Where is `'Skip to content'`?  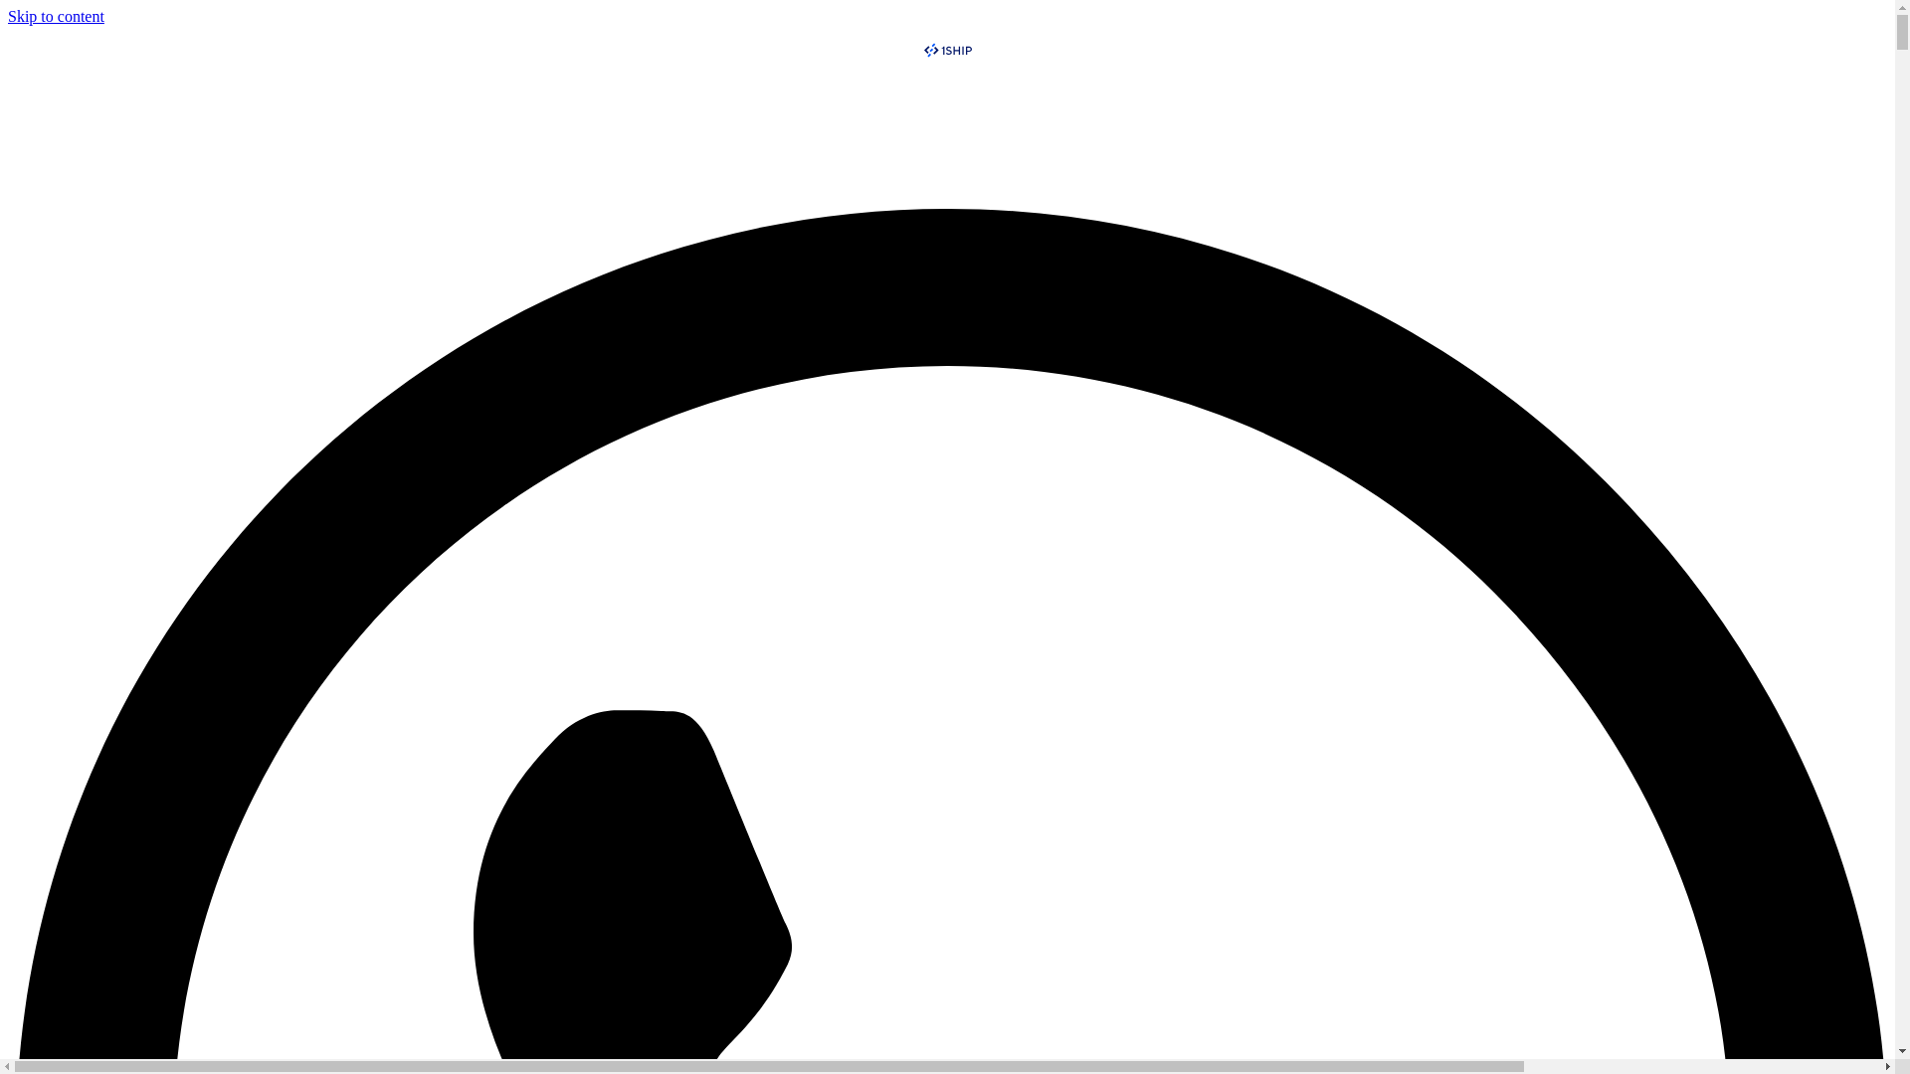
'Skip to content' is located at coordinates (56, 16).